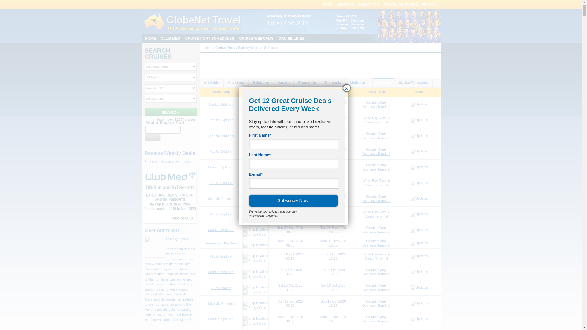  What do you see at coordinates (236, 38) in the screenshot?
I see `'CRUISE WEBCAMS'` at bounding box center [236, 38].